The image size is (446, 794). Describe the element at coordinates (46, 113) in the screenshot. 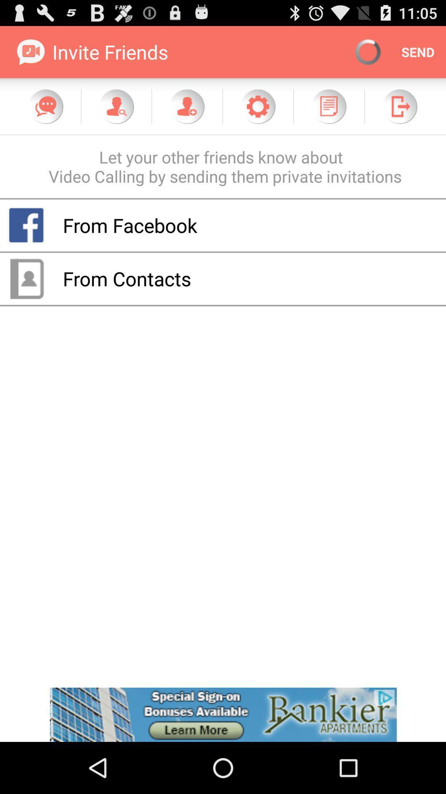

I see `the chat icon` at that location.